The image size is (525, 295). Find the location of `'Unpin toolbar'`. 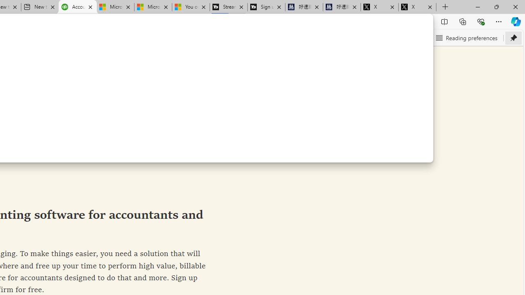

'Unpin toolbar' is located at coordinates (513, 38).